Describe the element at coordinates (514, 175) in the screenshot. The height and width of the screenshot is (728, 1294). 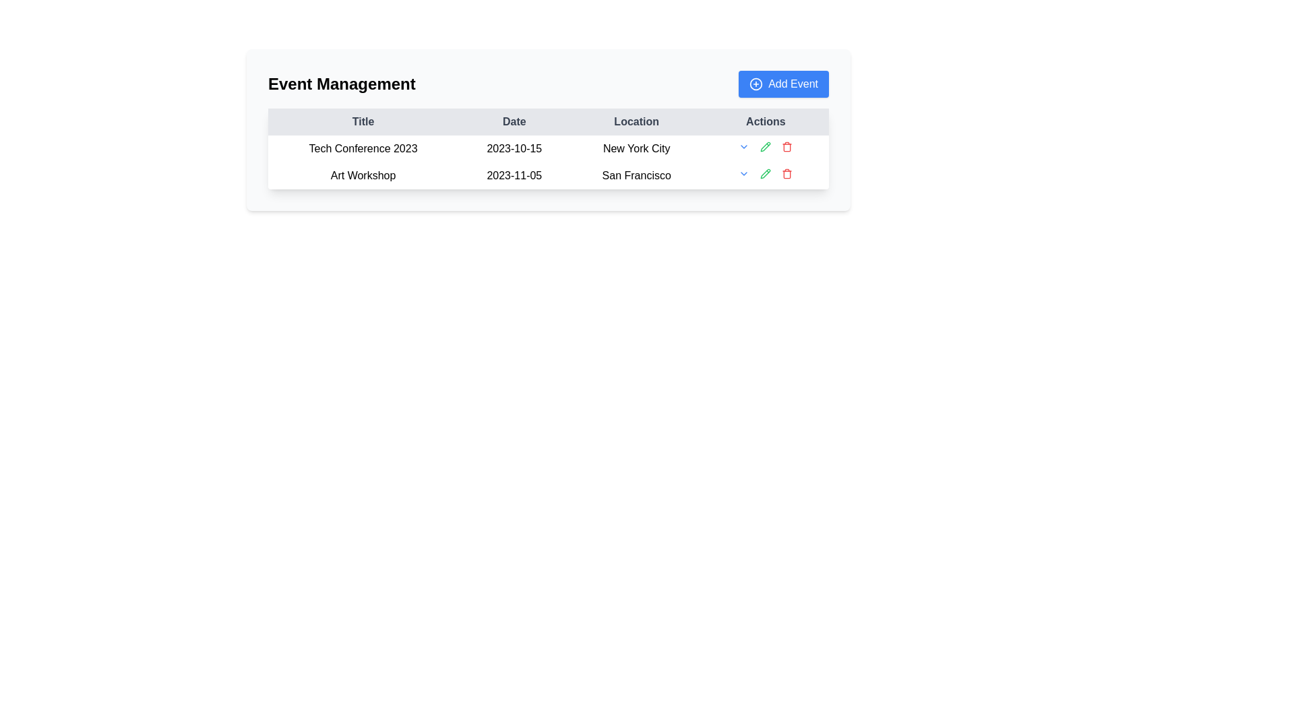
I see `the text display showing the date '2023-11-05' in the middle column of the second row under the 'Date' column, associated with the 'Art Workshop' event` at that location.